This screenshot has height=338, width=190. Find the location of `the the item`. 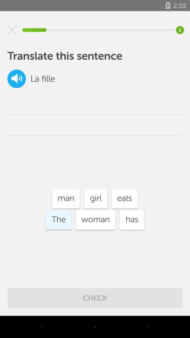

the the item is located at coordinates (58, 219).